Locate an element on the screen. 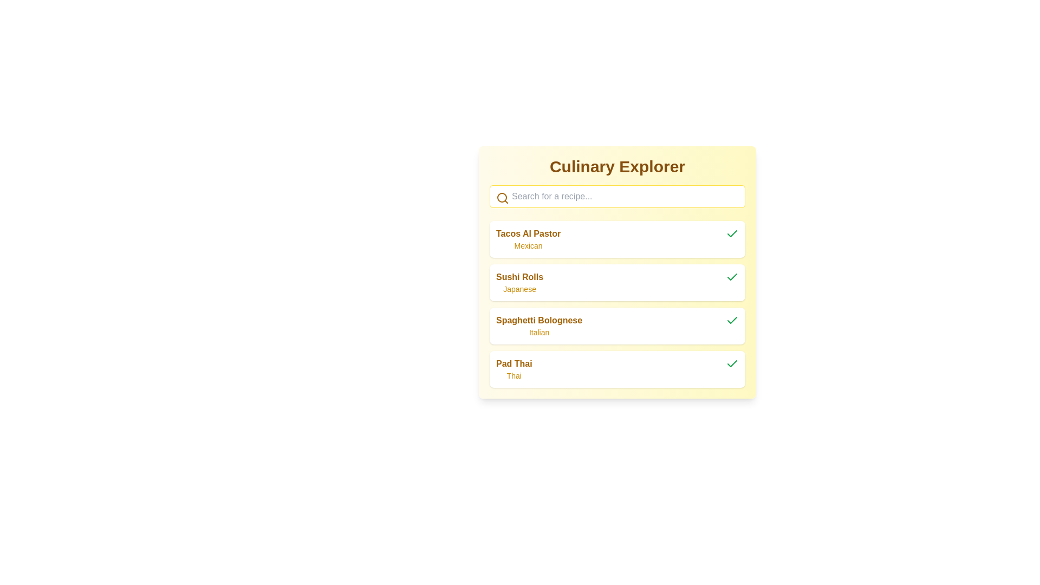  static label text 'Pad Thai' which is prominently displayed in a bold yellow color as the fourth item in the recipe list within the 'Culinary Explorer' interface is located at coordinates (513, 363).